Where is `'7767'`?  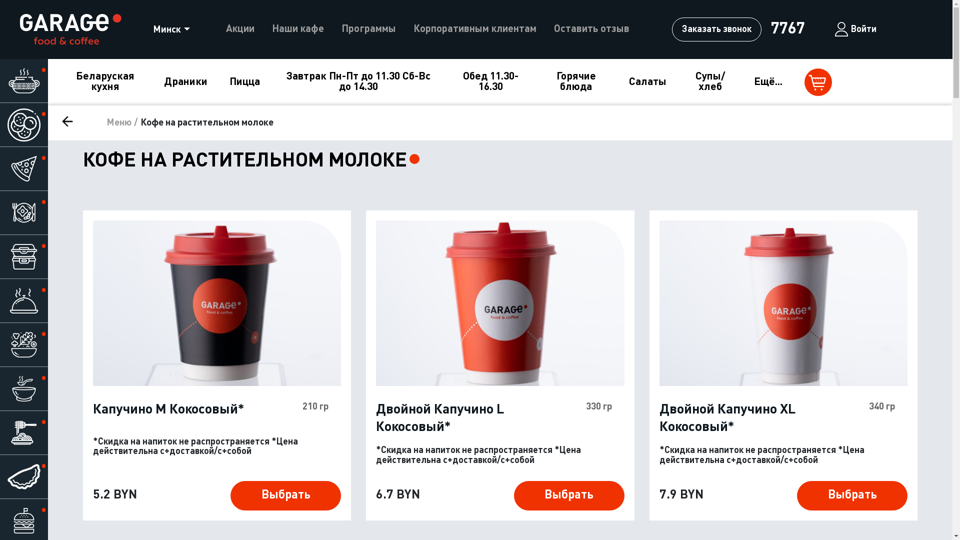 '7767' is located at coordinates (786, 28).